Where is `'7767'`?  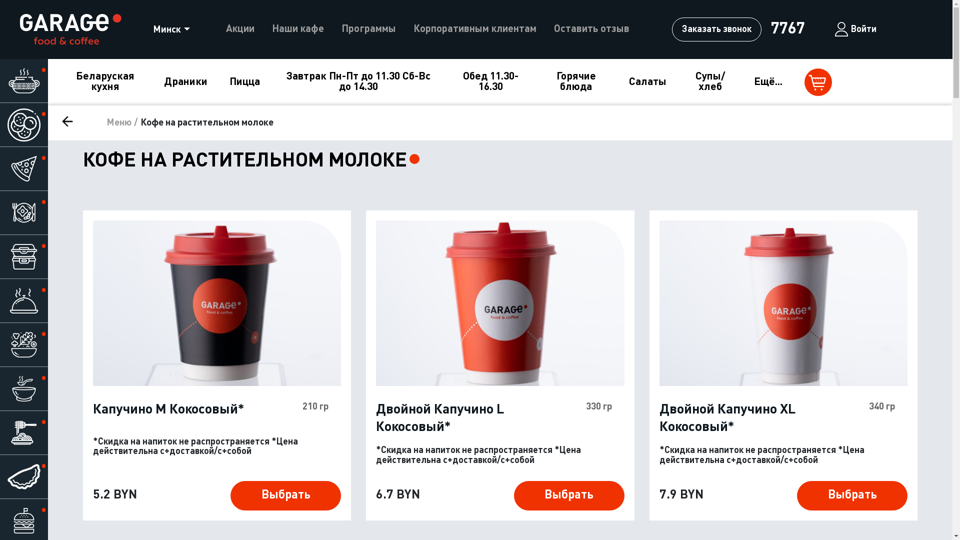 '7767' is located at coordinates (786, 28).